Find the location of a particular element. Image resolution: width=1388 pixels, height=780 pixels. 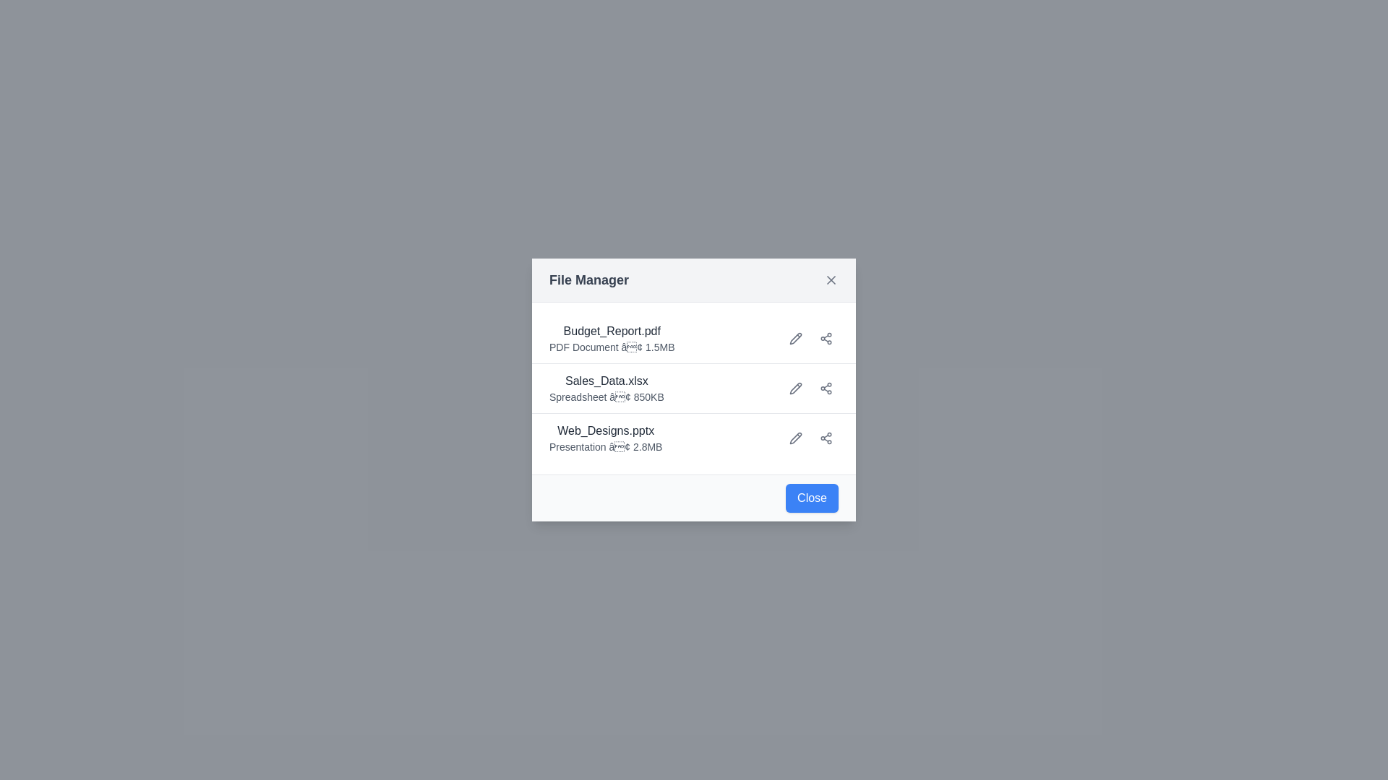

edit button for the file named Budget_Report.pdf is located at coordinates (794, 339).